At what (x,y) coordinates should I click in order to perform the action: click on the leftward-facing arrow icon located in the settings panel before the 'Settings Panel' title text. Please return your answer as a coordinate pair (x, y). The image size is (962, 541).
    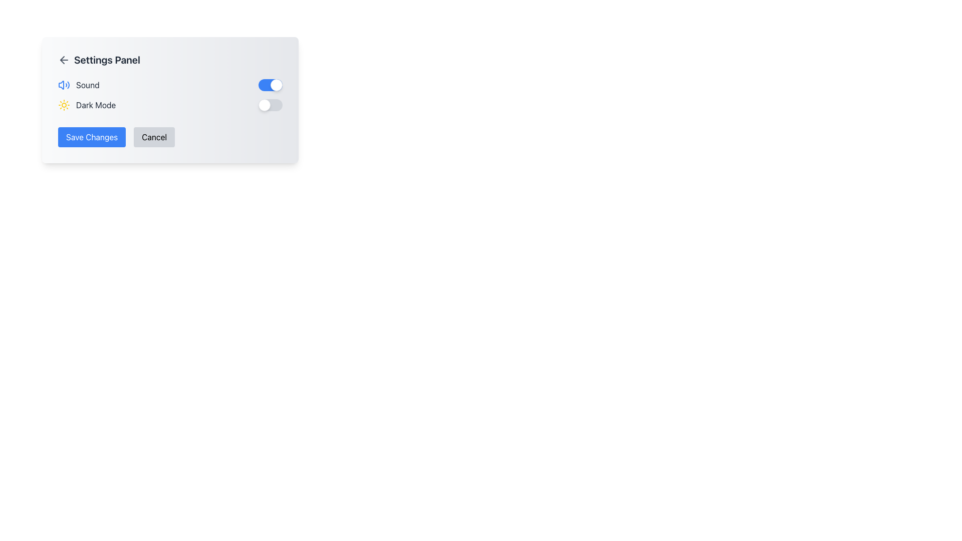
    Looking at the image, I should click on (62, 60).